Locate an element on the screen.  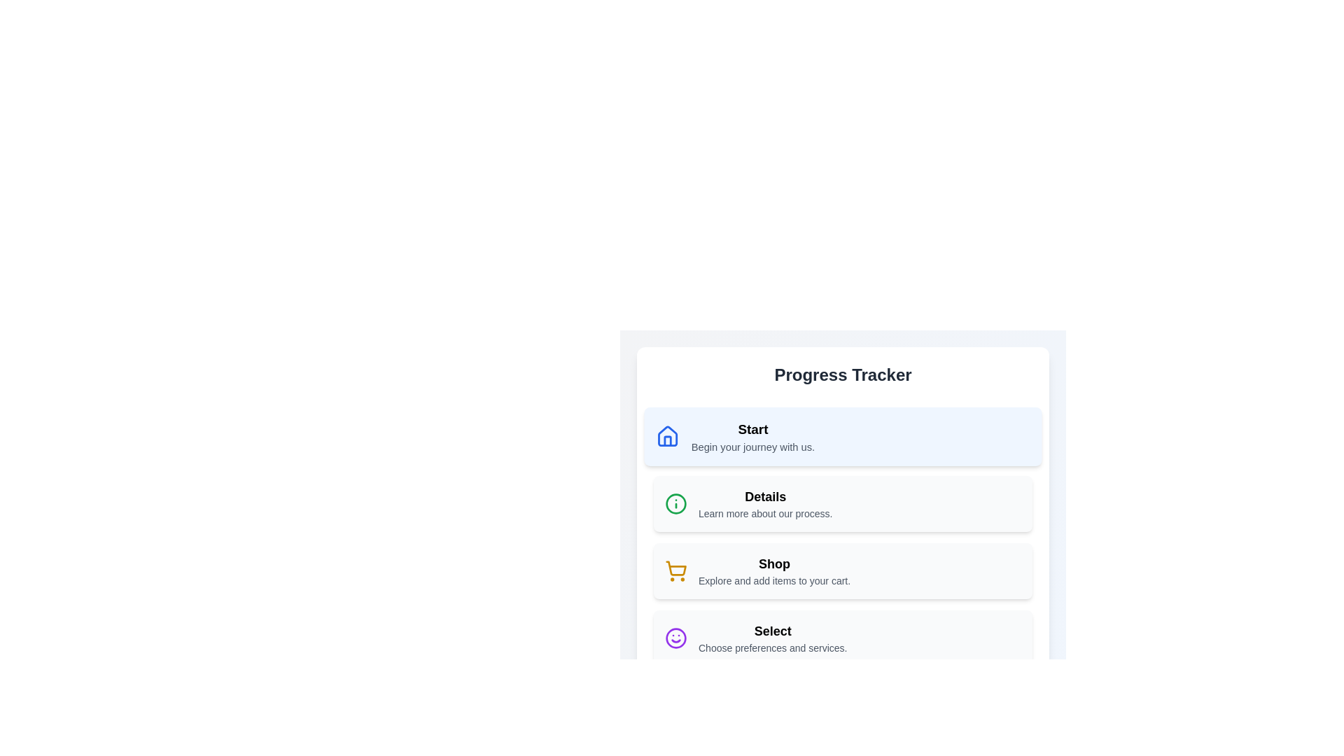
the circular green information icon located in the 'Details' section, positioned to the left of the text 'Details Learn more about our process.' is located at coordinates (675, 504).